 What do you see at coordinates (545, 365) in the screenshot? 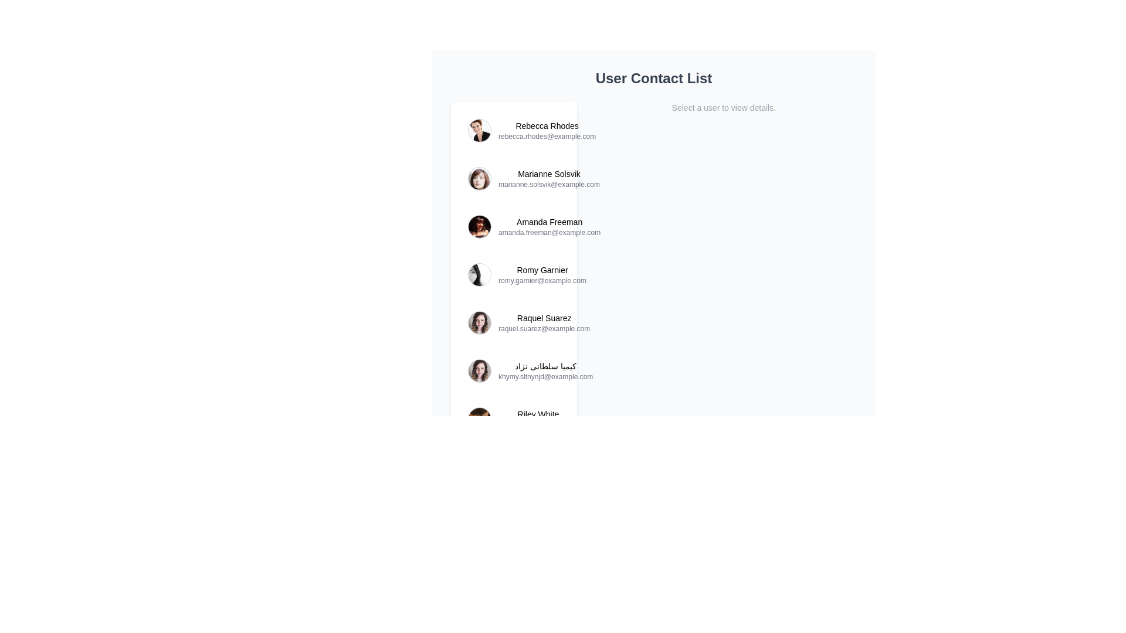
I see `the text label displaying 'کیمیا سلطانی نژاد' in bold, which is part of a user contact list` at bounding box center [545, 365].